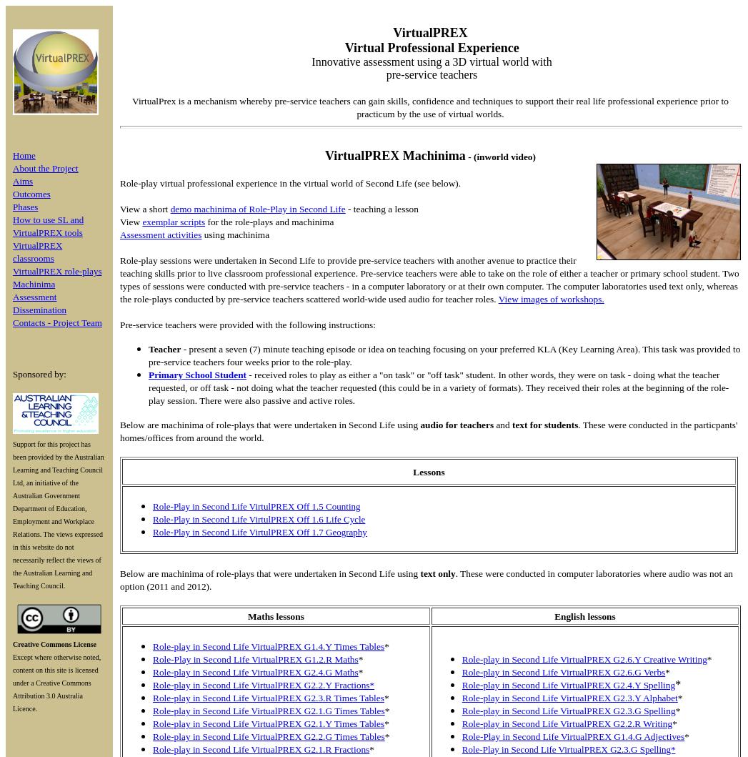 The height and width of the screenshot is (757, 748). I want to click on 'and', so click(502, 424).